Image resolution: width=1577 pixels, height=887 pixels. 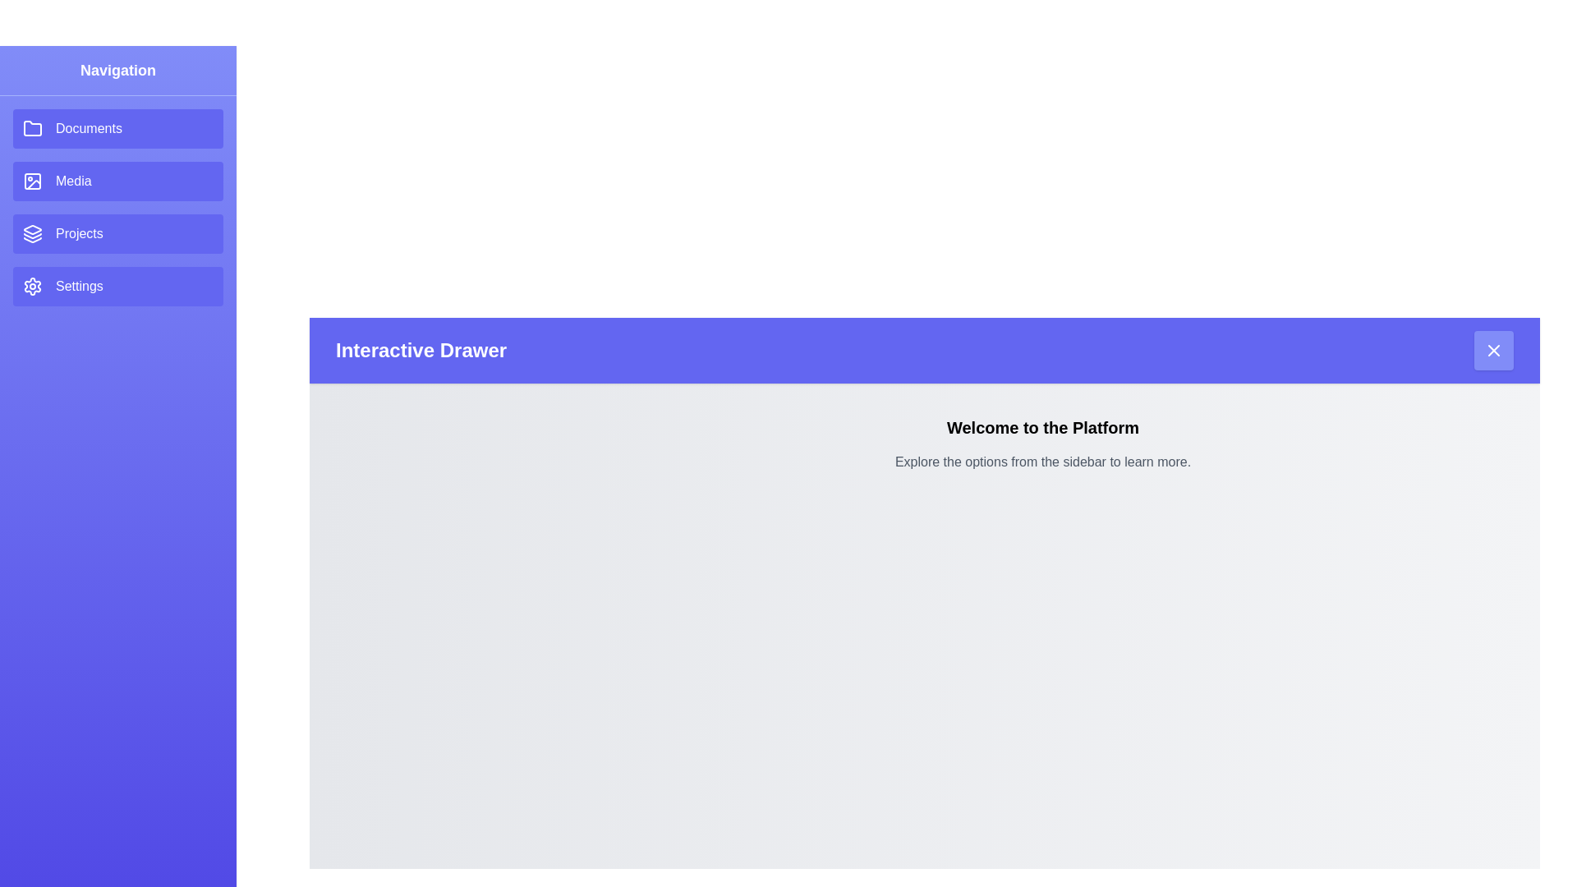 What do you see at coordinates (117, 181) in the screenshot?
I see `the drawer item Media` at bounding box center [117, 181].